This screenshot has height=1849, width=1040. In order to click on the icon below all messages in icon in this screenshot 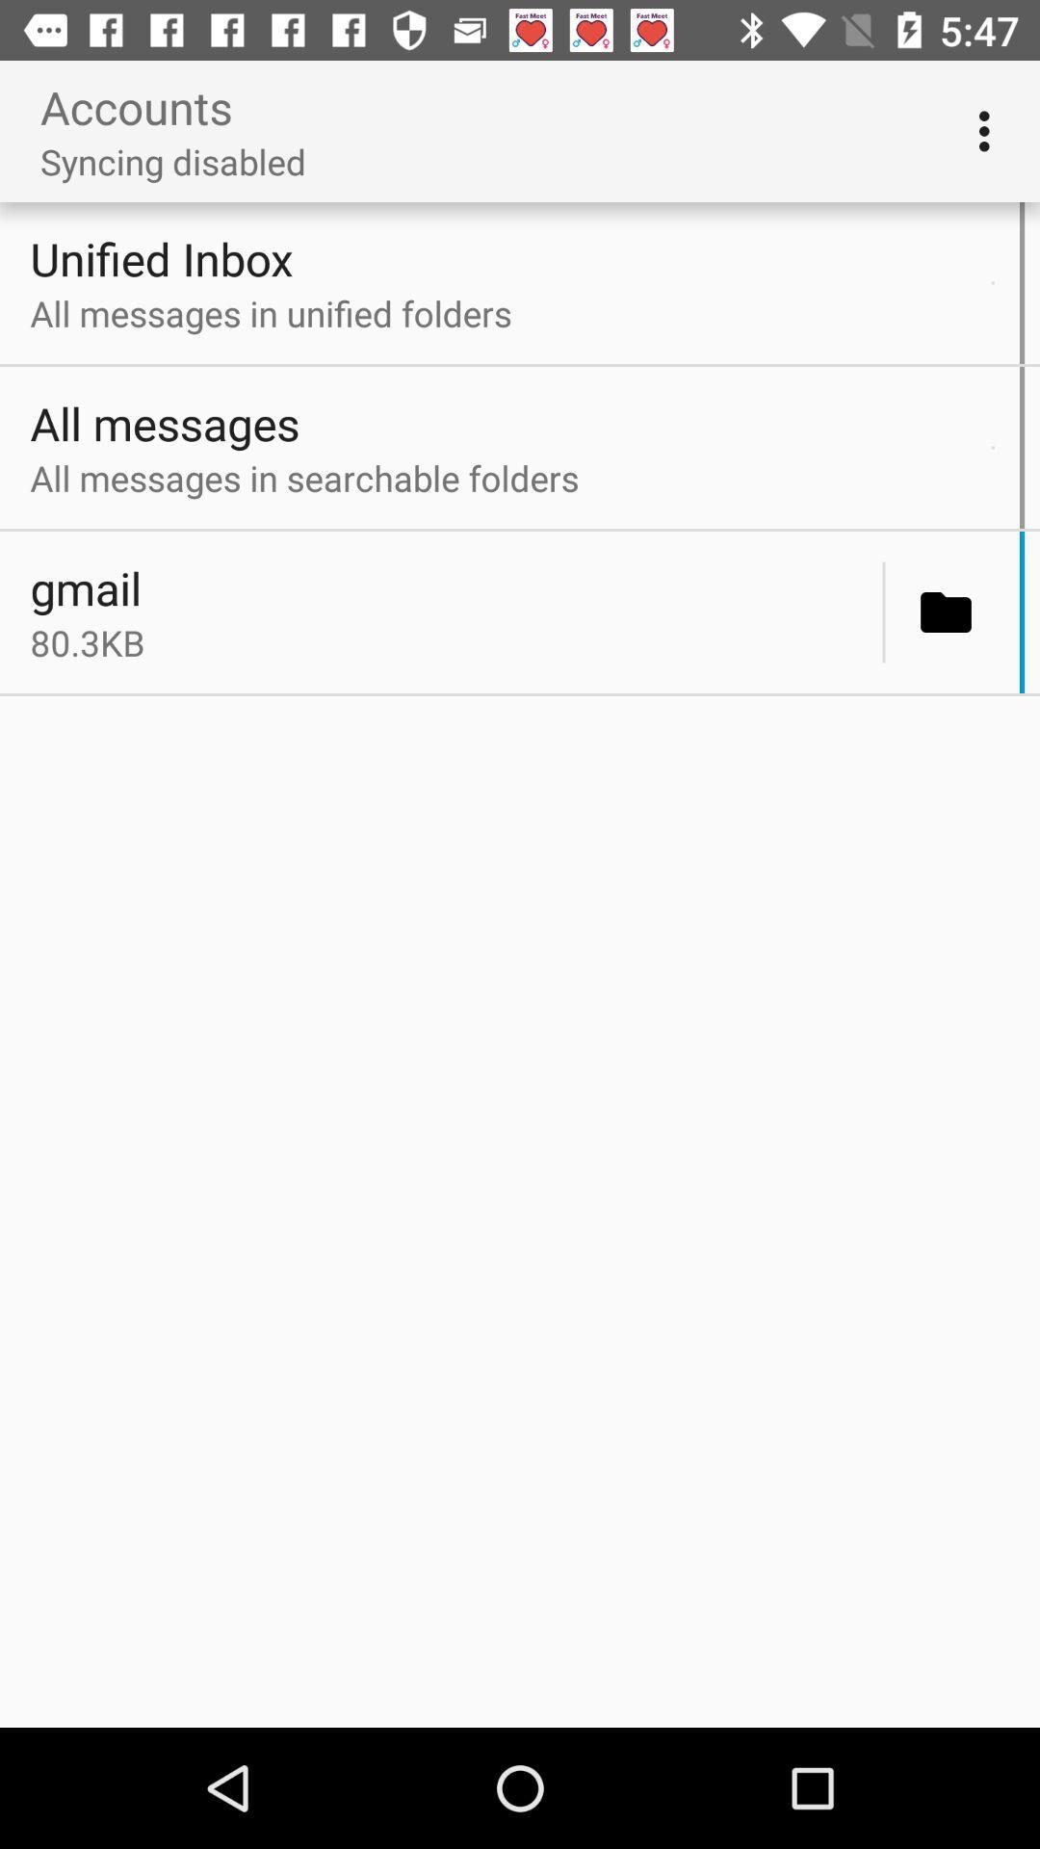, I will do `click(884, 612)`.